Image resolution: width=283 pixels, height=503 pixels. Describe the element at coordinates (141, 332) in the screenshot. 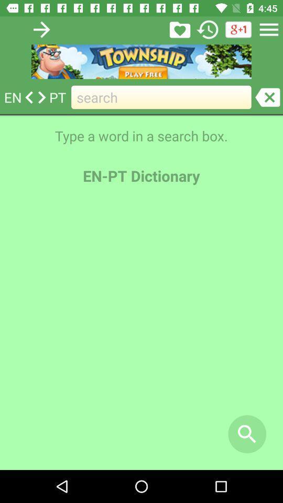

I see `item at the center` at that location.